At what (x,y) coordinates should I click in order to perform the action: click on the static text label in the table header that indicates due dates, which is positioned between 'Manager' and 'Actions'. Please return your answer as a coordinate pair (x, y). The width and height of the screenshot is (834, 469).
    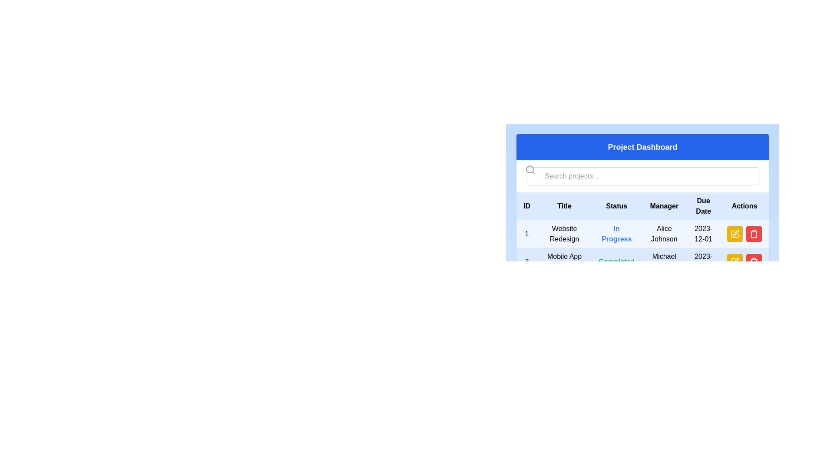
    Looking at the image, I should click on (703, 206).